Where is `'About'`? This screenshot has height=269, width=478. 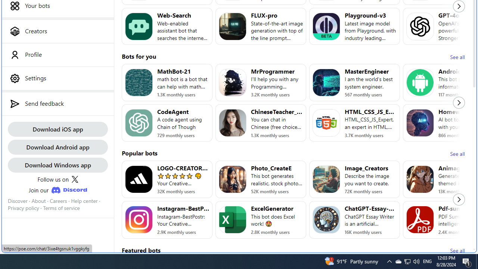
'About' is located at coordinates (38, 200).